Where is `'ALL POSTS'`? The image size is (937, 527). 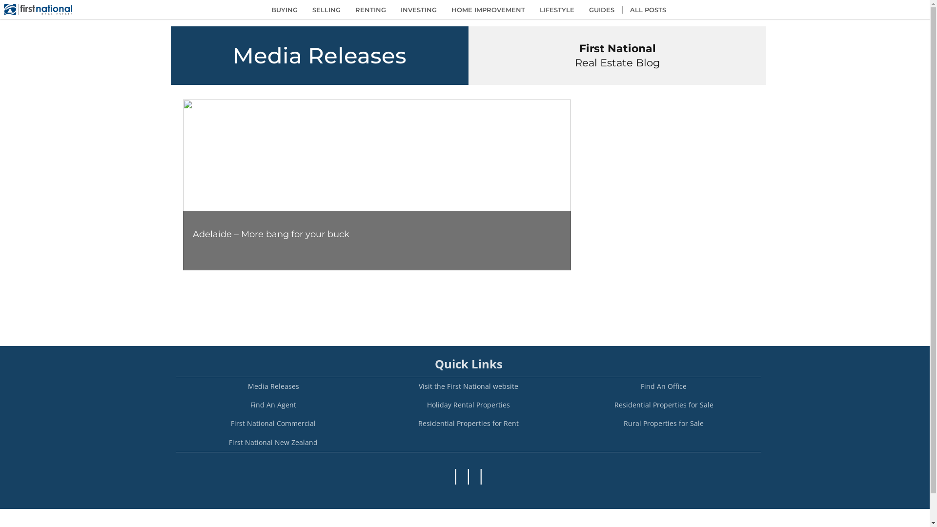
'ALL POSTS' is located at coordinates (647, 9).